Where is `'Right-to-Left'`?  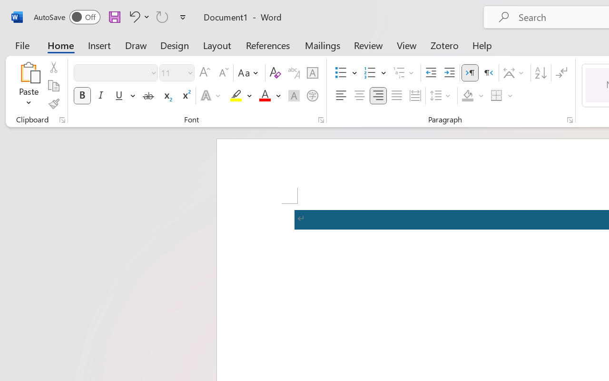
'Right-to-Left' is located at coordinates (488, 73).